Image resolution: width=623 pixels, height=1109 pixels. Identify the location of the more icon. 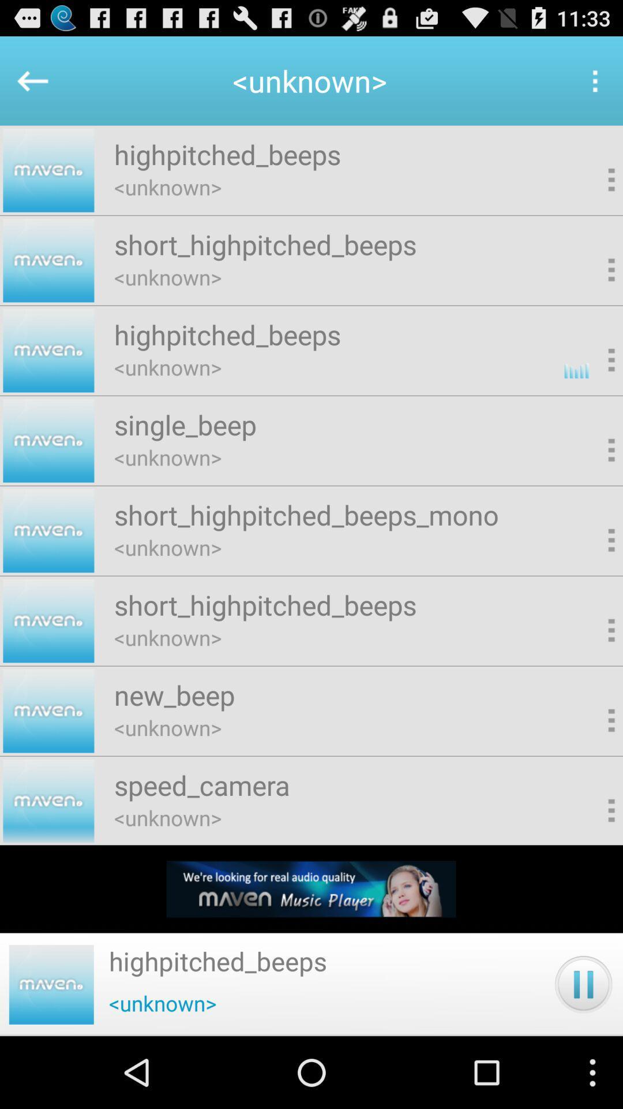
(592, 772).